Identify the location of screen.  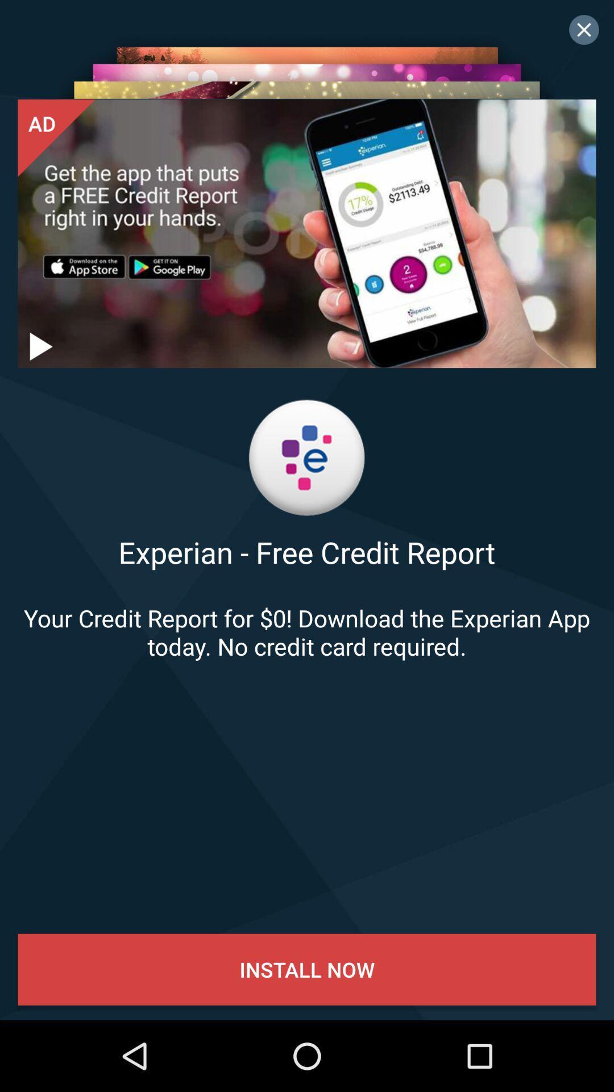
(584, 30).